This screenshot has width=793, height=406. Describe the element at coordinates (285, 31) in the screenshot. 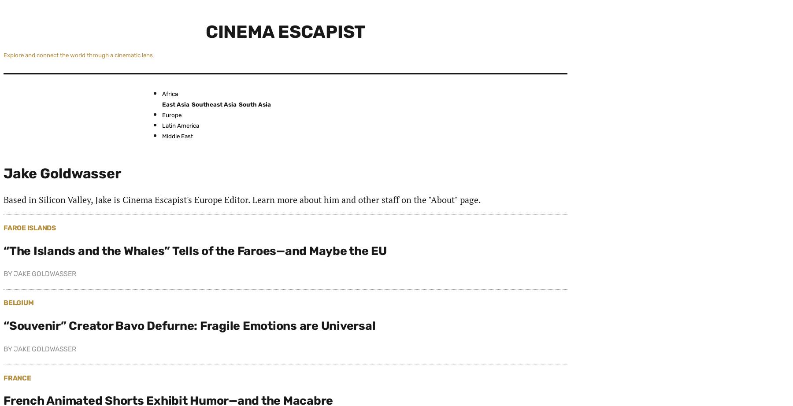

I see `'Cinema Escapist'` at that location.